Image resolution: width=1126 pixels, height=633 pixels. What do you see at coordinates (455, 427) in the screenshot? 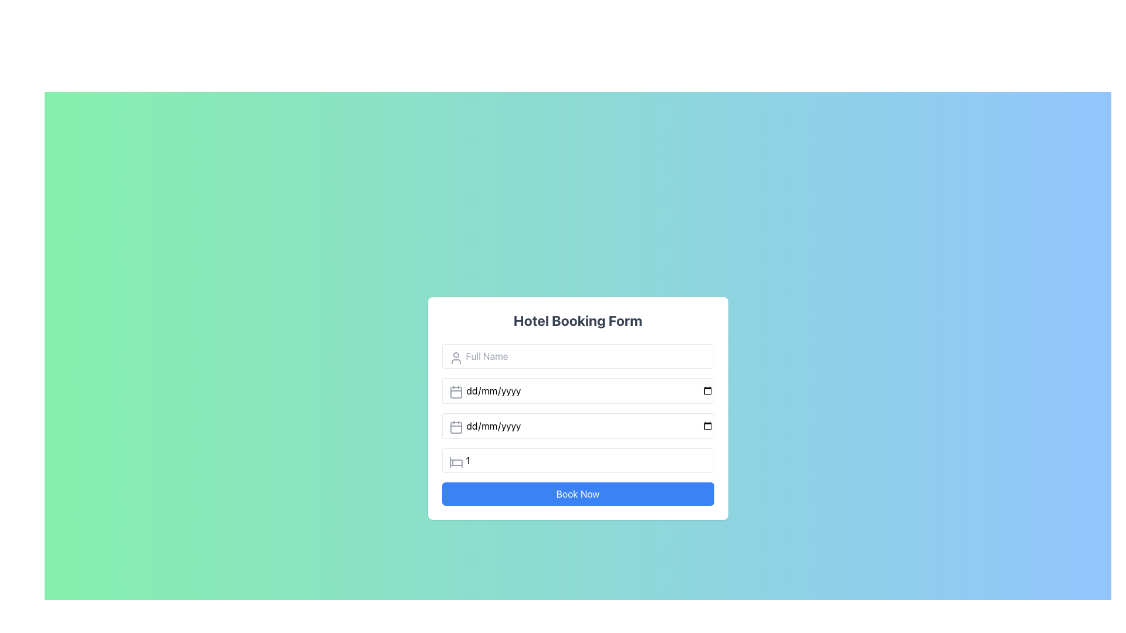
I see `the calendar icon located on the left side of the second date input field in the booking form` at bounding box center [455, 427].